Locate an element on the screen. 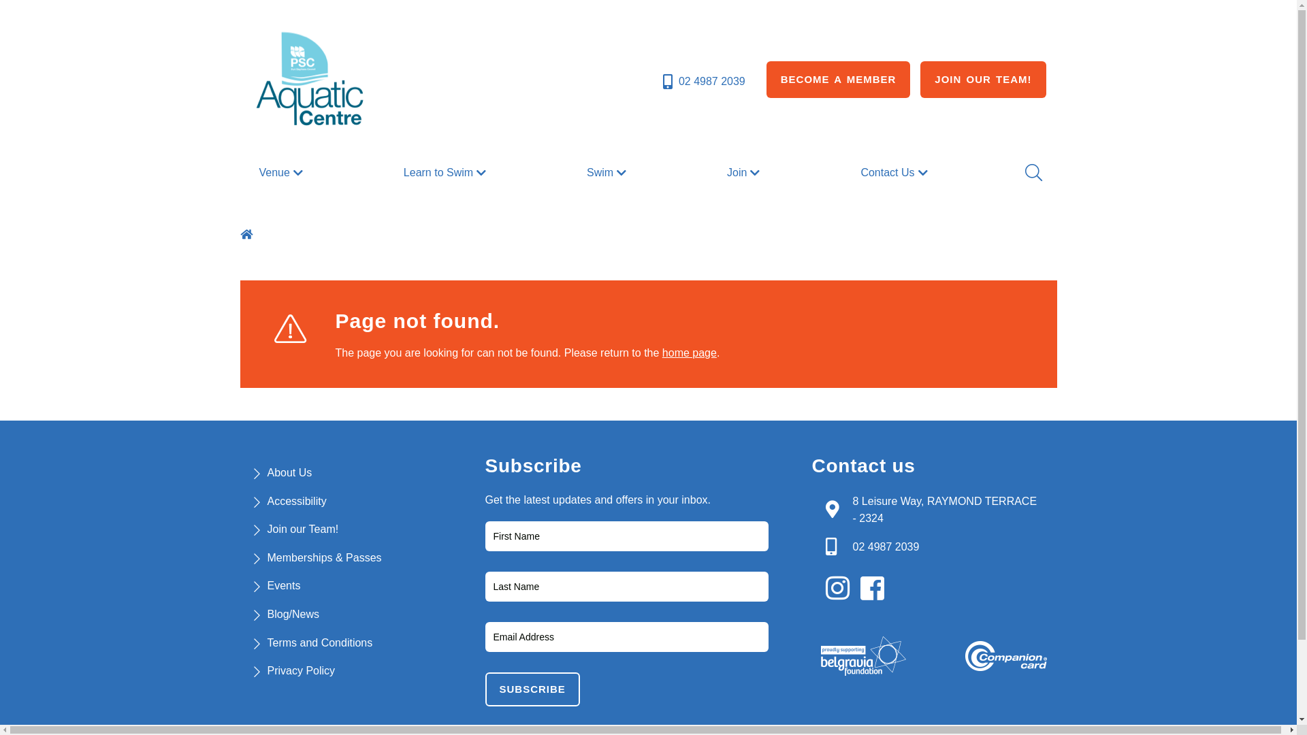  'JOIN OUR TEAM!' is located at coordinates (920, 79).